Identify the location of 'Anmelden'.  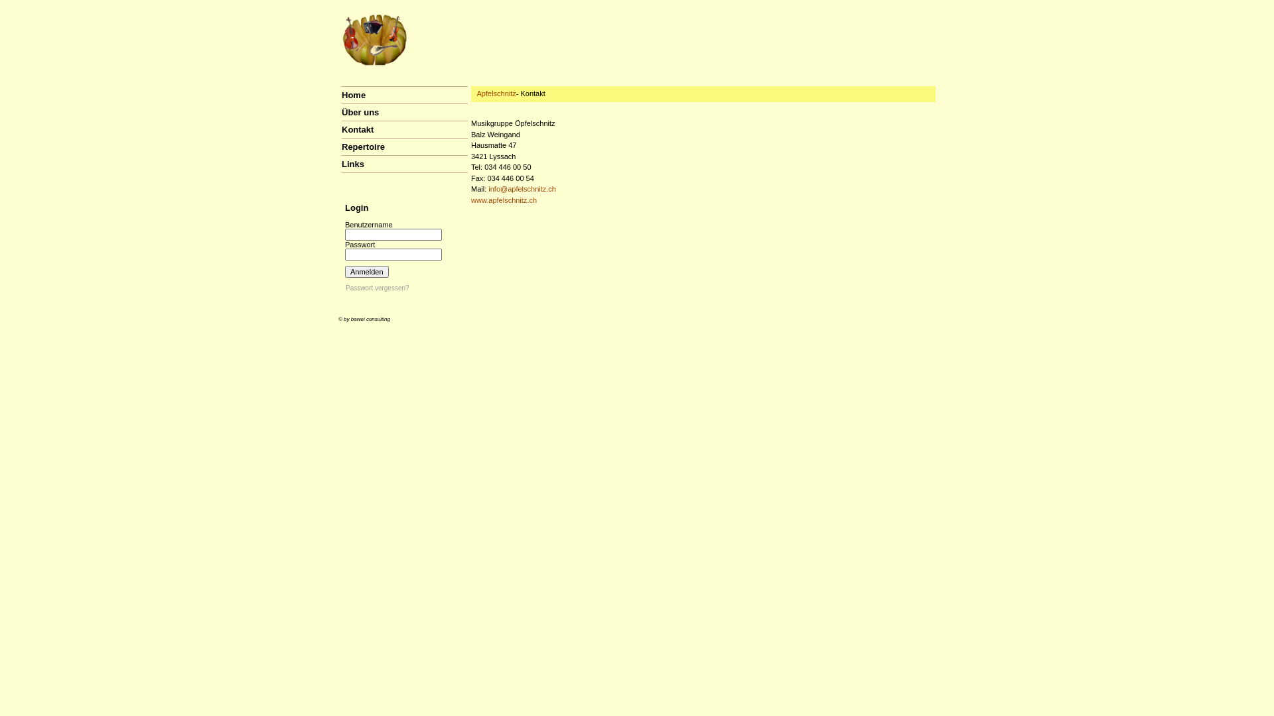
(366, 270).